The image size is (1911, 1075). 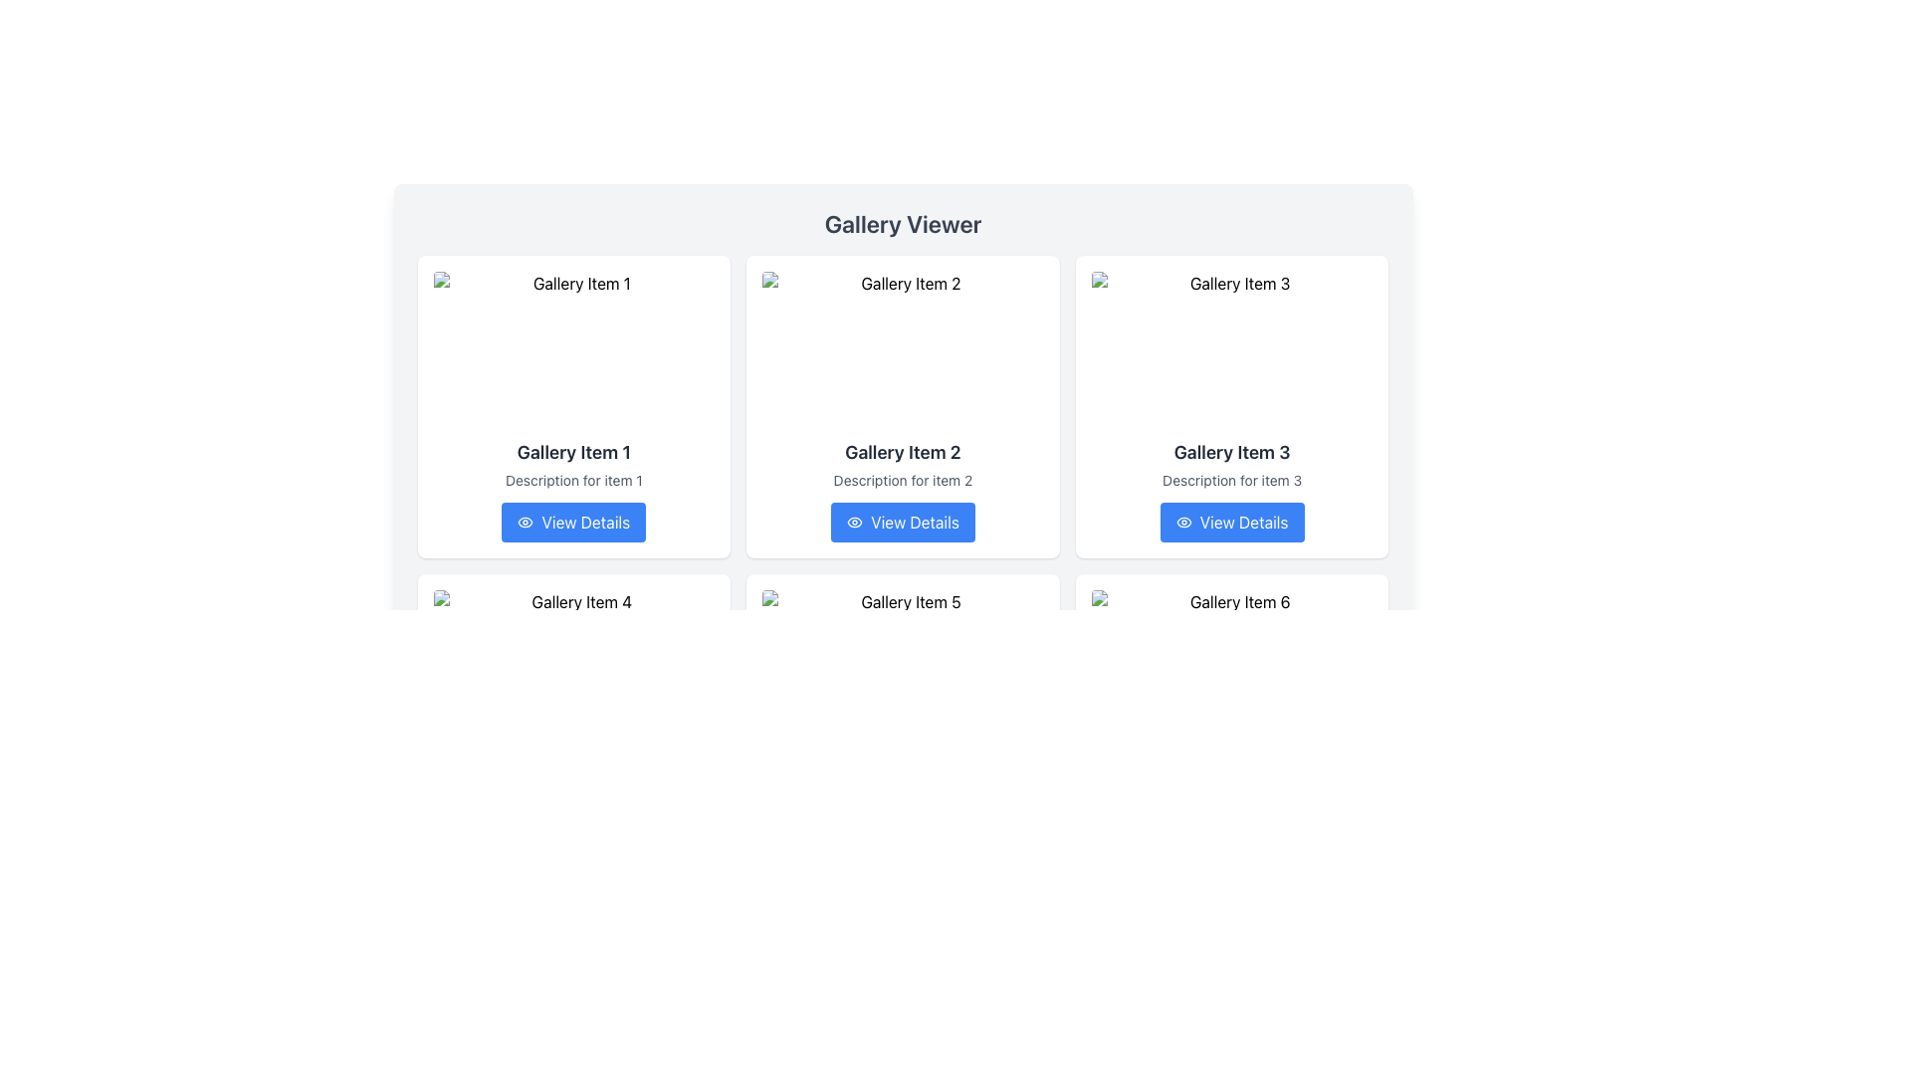 What do you see at coordinates (1231, 453) in the screenshot?
I see `text label displaying 'Gallery Item 3', which is bold and dark gray, located below the thumbnail image in the third column of the gallery viewer interface` at bounding box center [1231, 453].